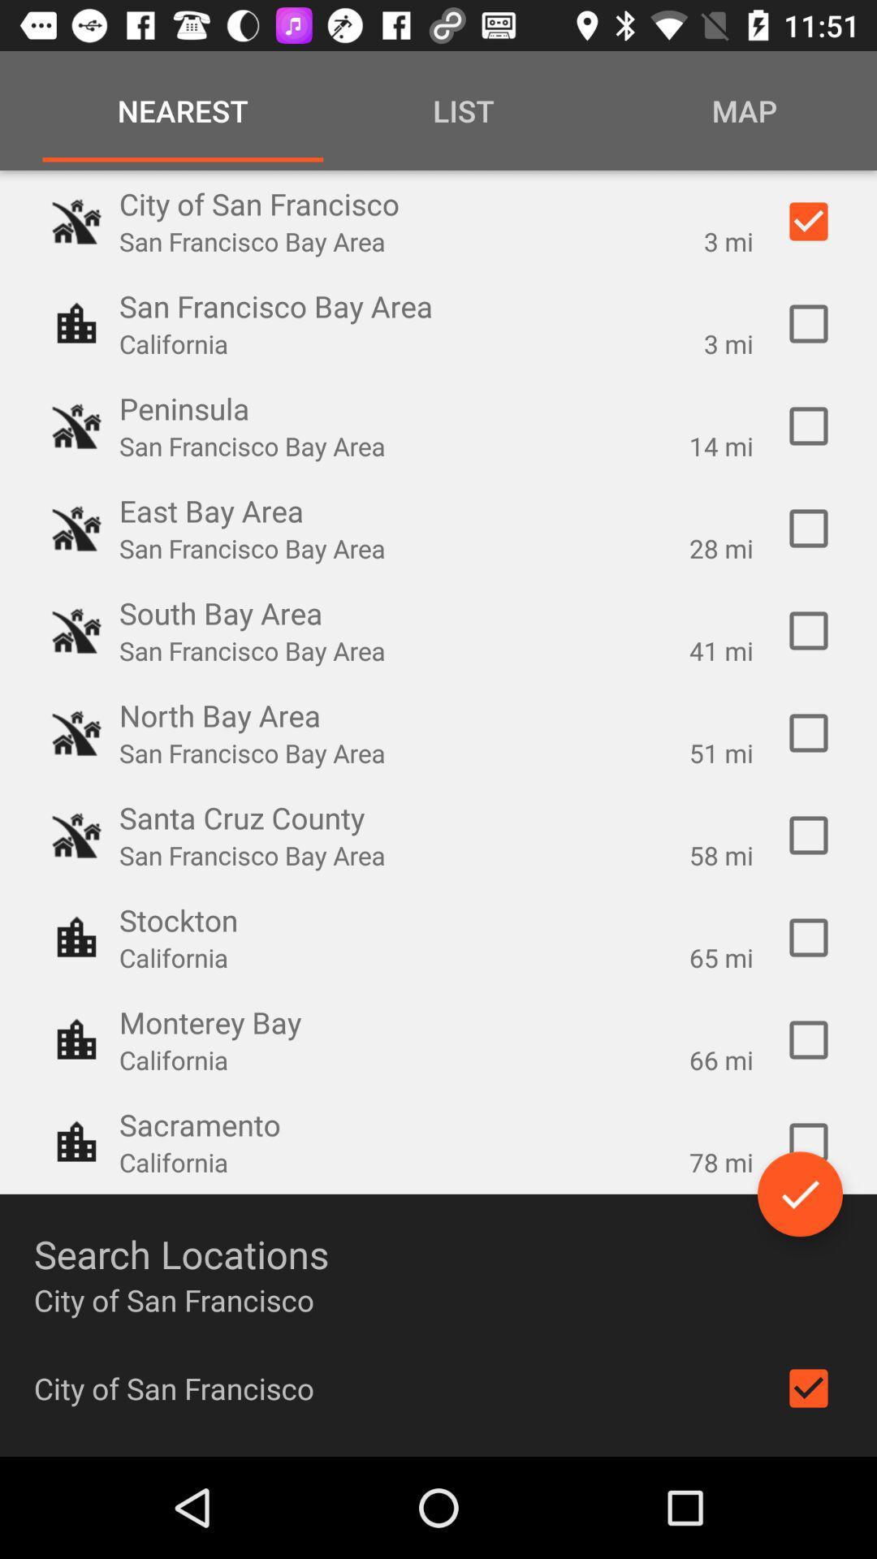 The height and width of the screenshot is (1559, 877). What do you see at coordinates (808, 1141) in the screenshot?
I see `city as option` at bounding box center [808, 1141].